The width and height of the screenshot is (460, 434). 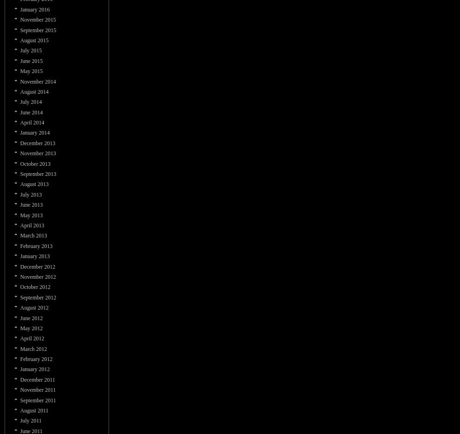 I want to click on 'May 2015', so click(x=31, y=71).